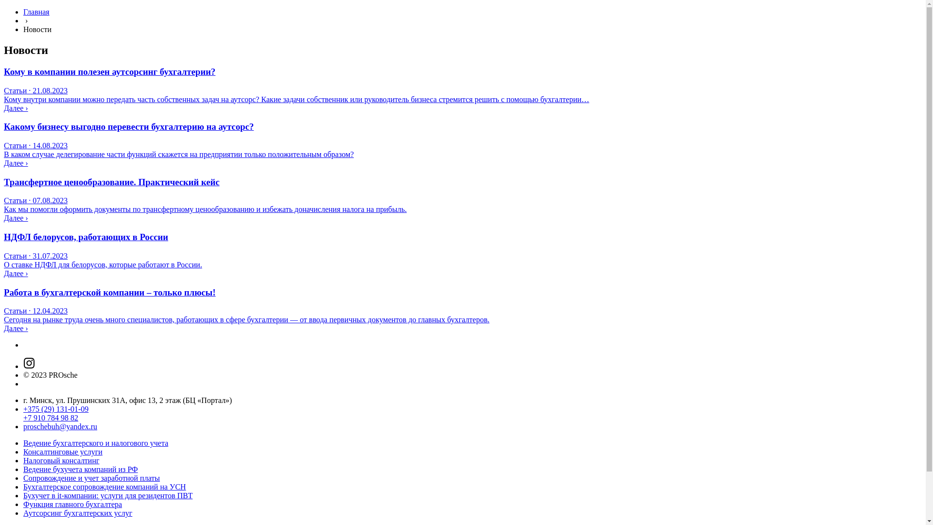 The image size is (933, 525). Describe the element at coordinates (60, 426) in the screenshot. I see `'proschebuh@yandex.ru'` at that location.